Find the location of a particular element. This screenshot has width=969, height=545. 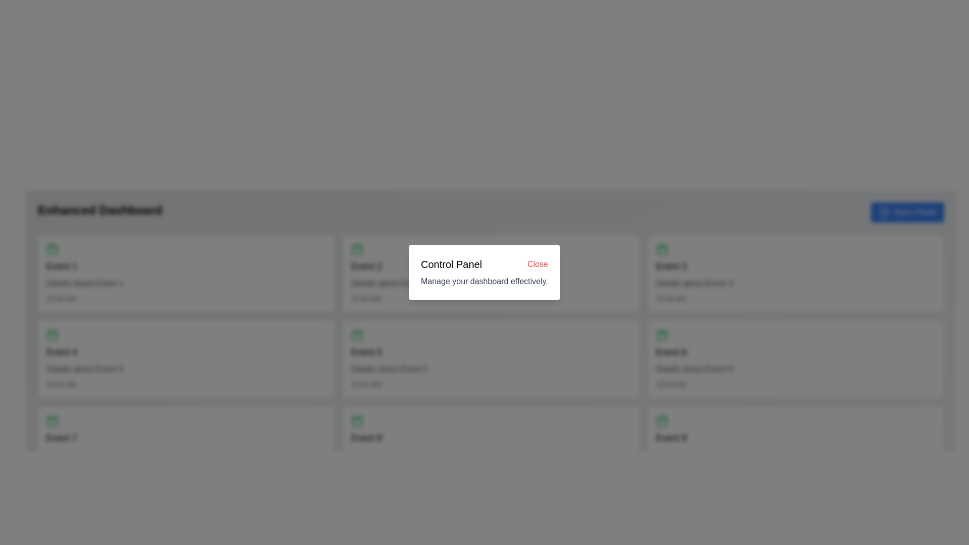

the text 'Event 4' for copying by clicking on the text label located in the second row and first column of the grid layout is located at coordinates (61, 352).